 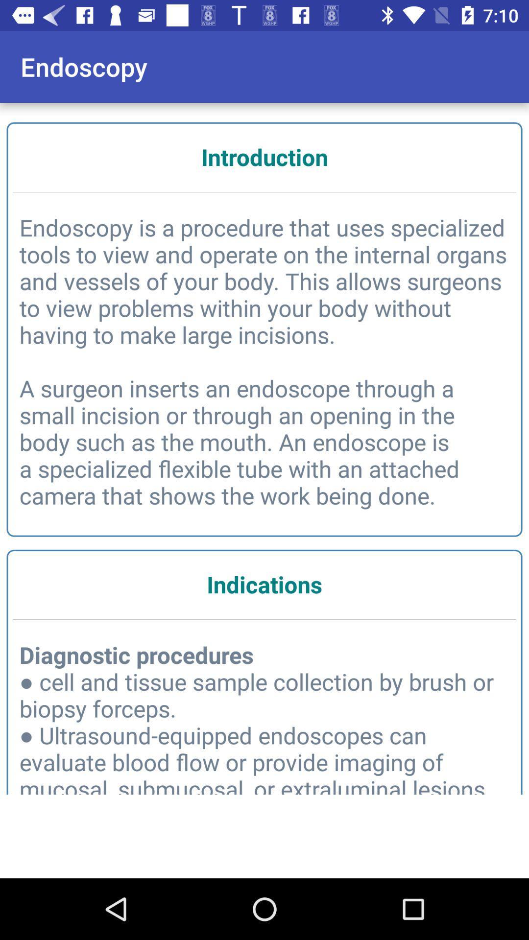 What do you see at coordinates (264, 584) in the screenshot?
I see `item below the endoscopy is a item` at bounding box center [264, 584].